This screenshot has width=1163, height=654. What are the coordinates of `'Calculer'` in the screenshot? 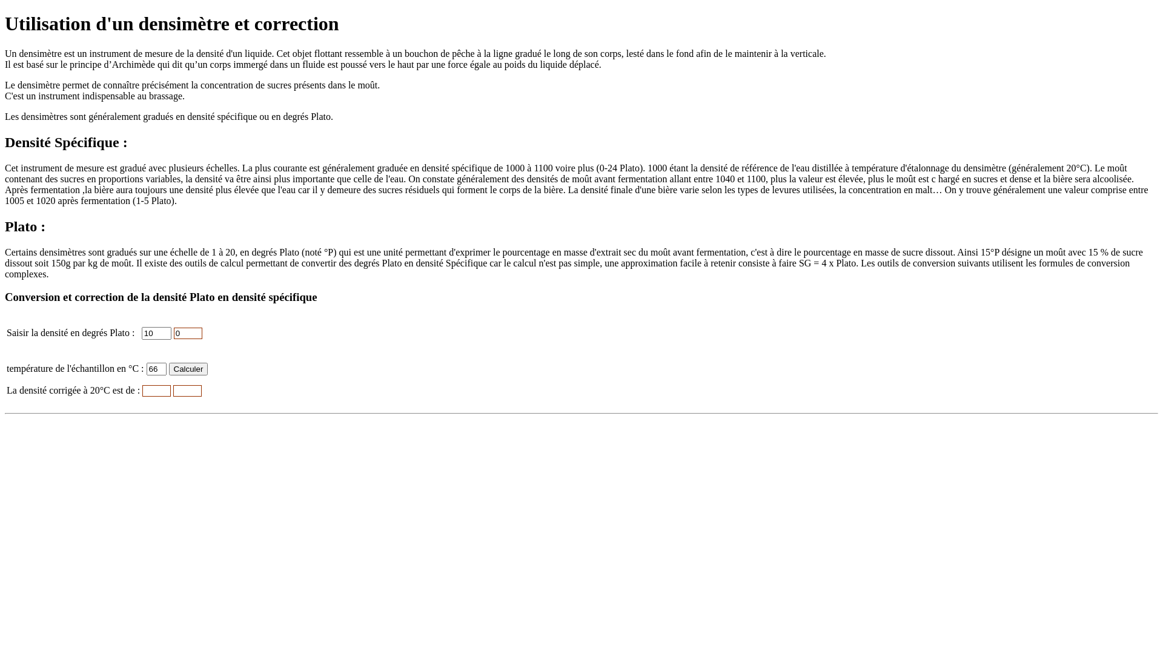 It's located at (188, 368).